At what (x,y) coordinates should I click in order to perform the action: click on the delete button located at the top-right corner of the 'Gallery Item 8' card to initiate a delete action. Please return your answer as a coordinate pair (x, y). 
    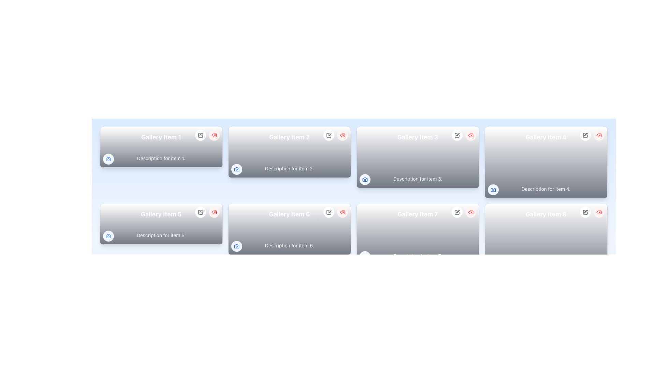
    Looking at the image, I should click on (598, 212).